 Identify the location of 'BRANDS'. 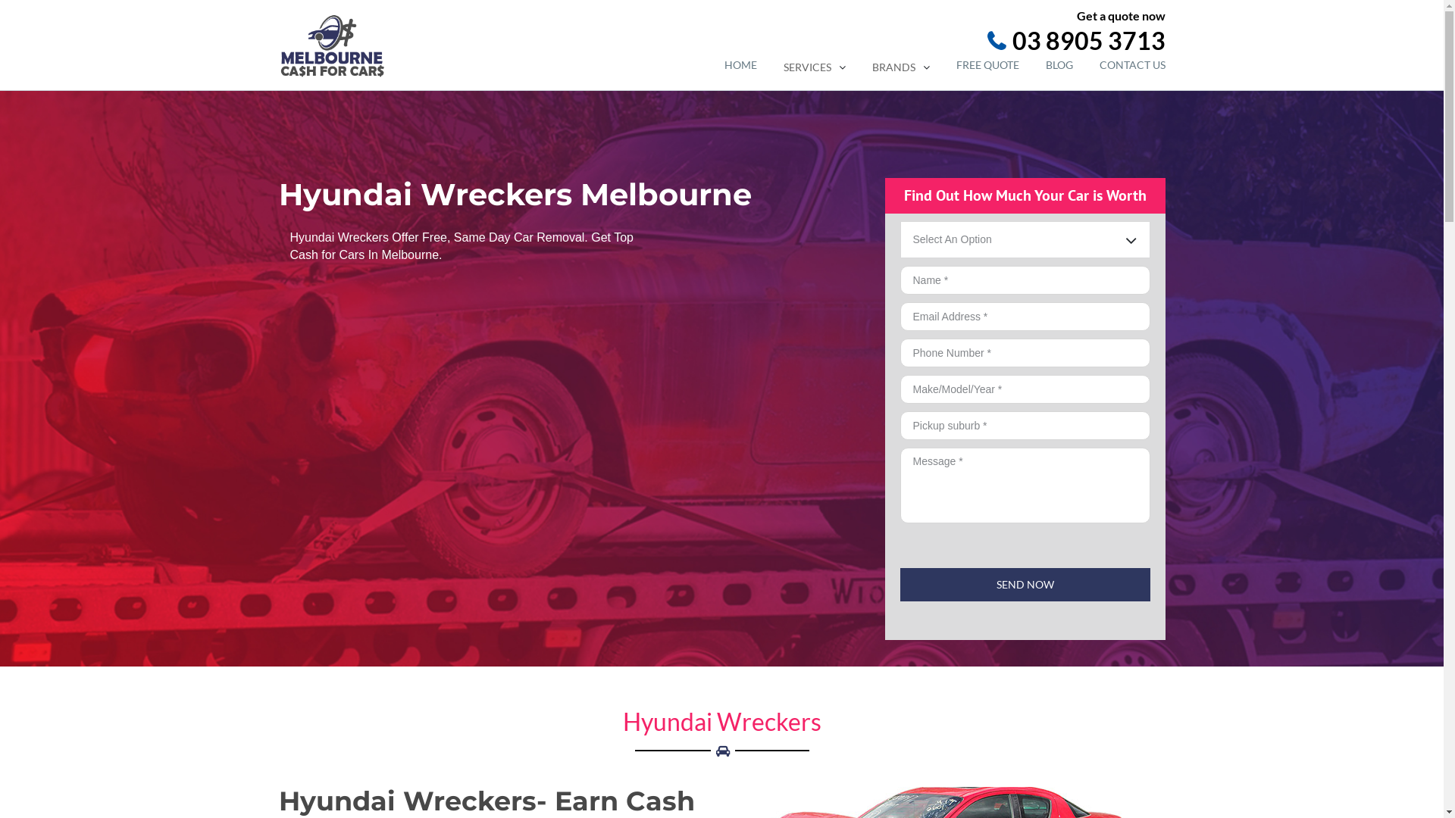
(900, 65).